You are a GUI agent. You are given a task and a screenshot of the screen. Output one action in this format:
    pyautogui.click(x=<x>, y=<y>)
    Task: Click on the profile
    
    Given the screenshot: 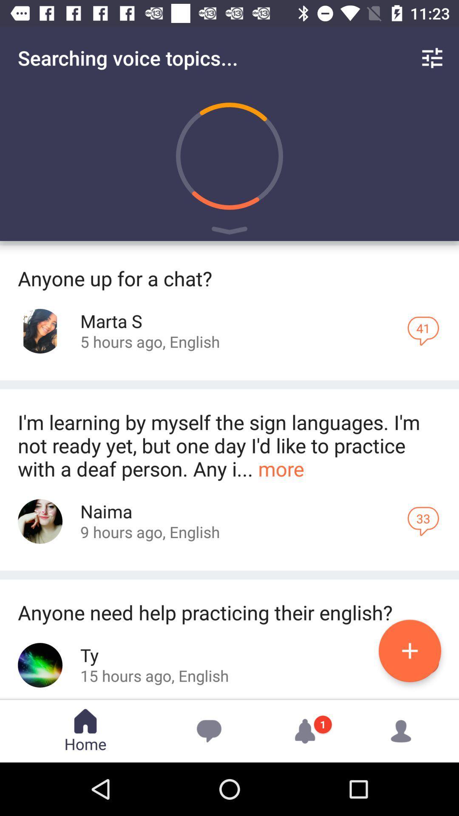 What is the action you would take?
    pyautogui.click(x=40, y=521)
    